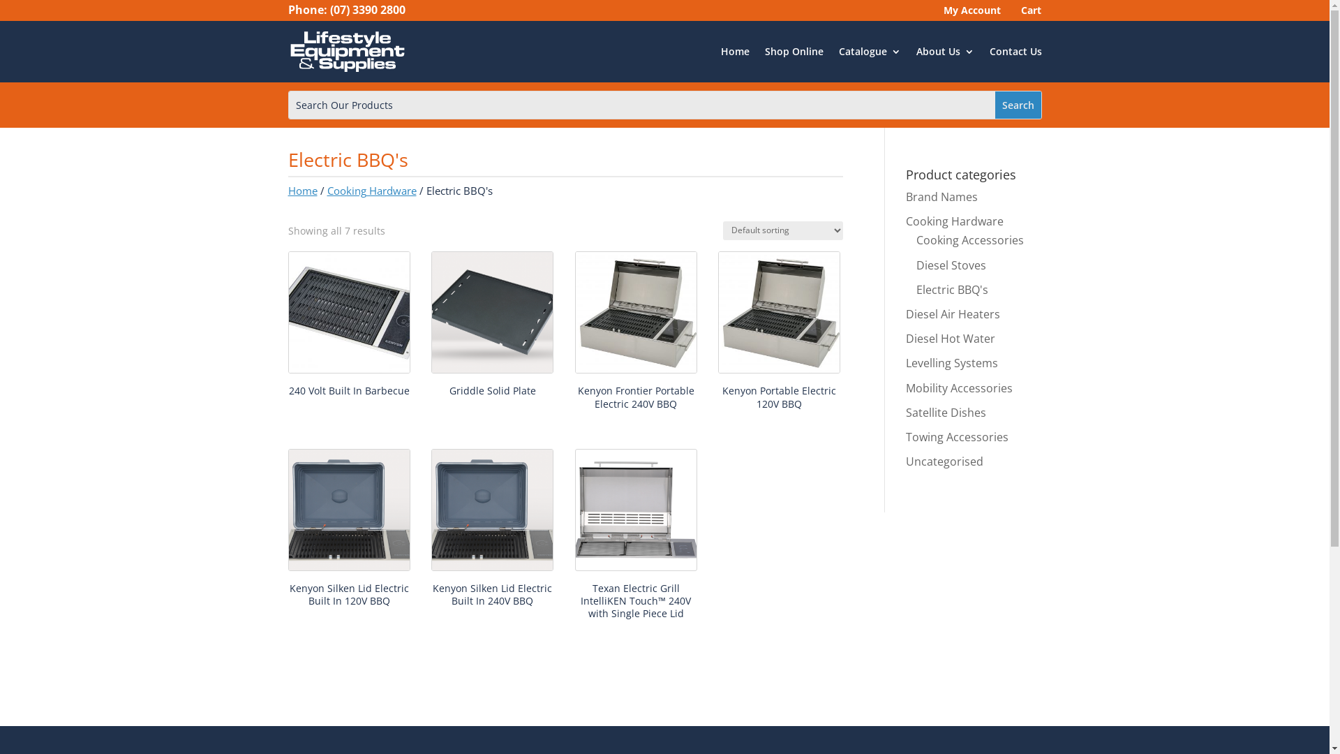  I want to click on 'Mobility Accessories', so click(905, 387).